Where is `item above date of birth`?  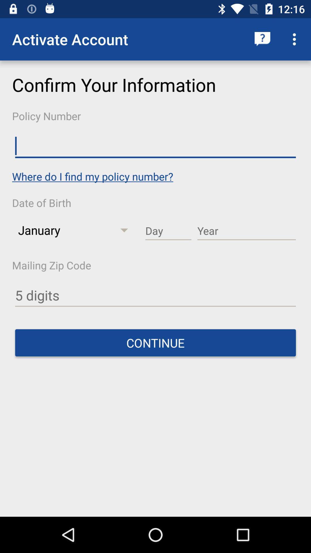
item above date of birth is located at coordinates (92, 176).